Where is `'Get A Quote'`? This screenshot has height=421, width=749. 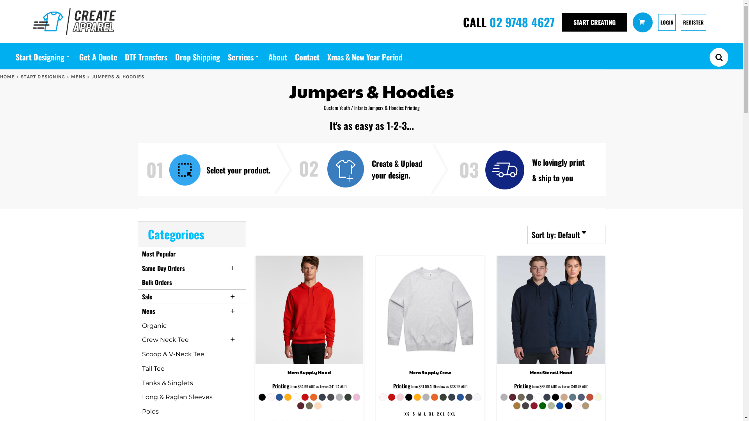 'Get A Quote' is located at coordinates (79, 55).